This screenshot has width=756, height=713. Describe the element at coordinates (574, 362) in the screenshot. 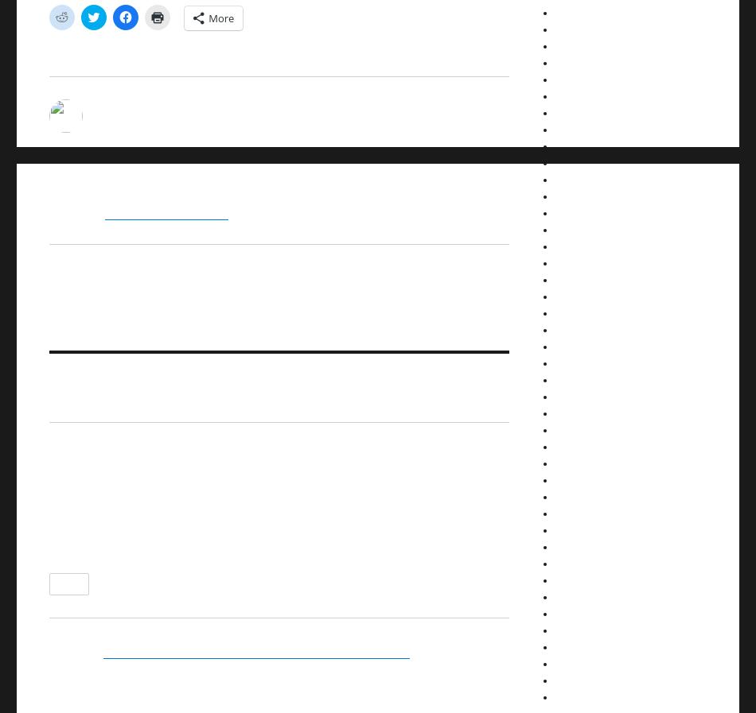

I see `'July 2015'` at that location.